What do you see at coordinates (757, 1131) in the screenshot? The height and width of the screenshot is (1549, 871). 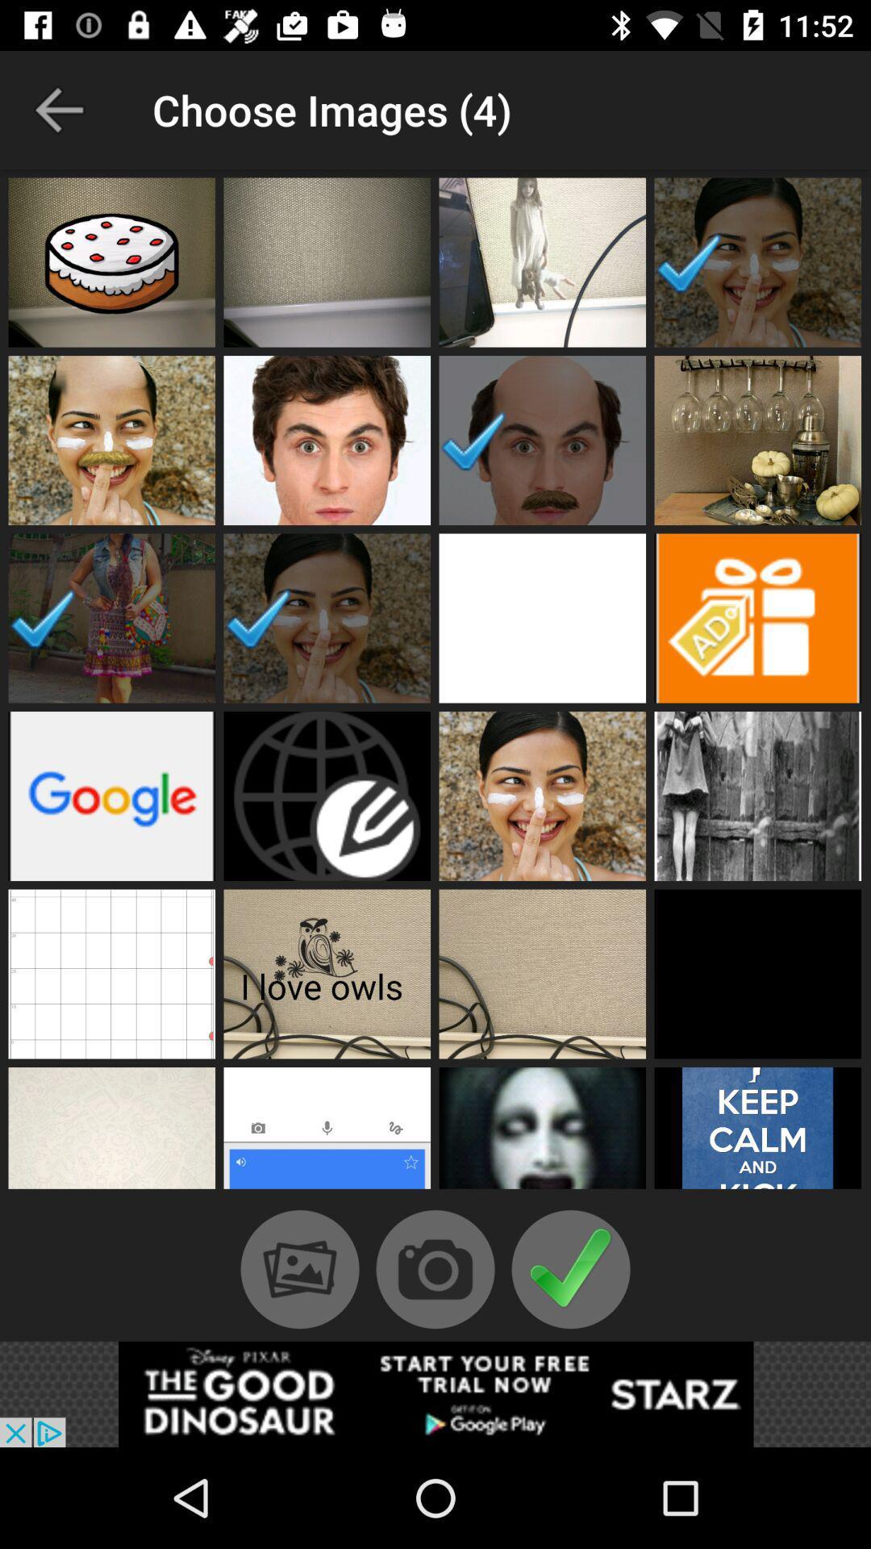 I see `choose image` at bounding box center [757, 1131].